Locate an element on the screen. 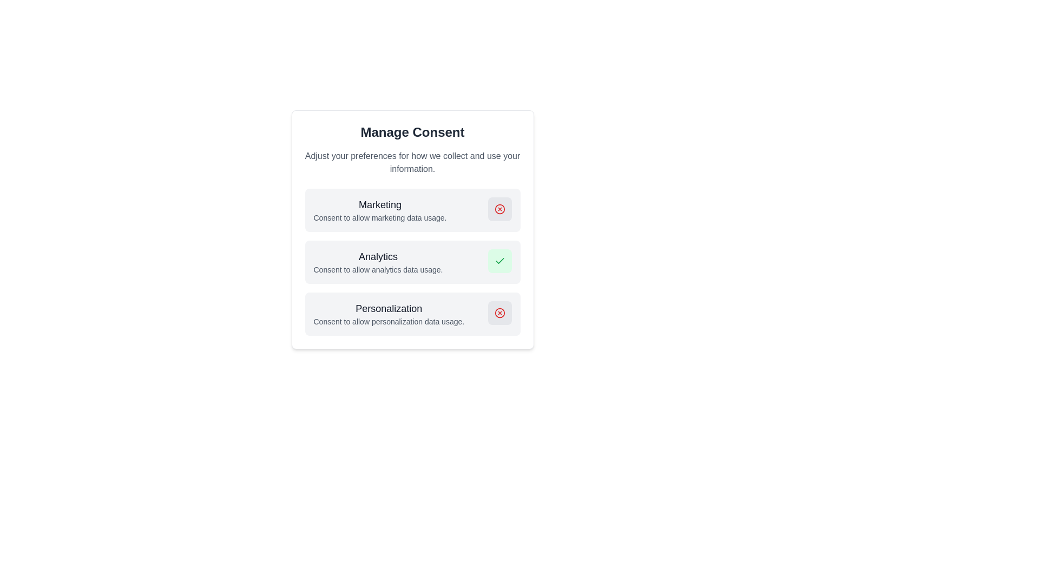 Image resolution: width=1039 pixels, height=584 pixels. the circular indicator with an 'x' icon located to the right of the 'Marketing' label in the consent management modal is located at coordinates (499, 209).